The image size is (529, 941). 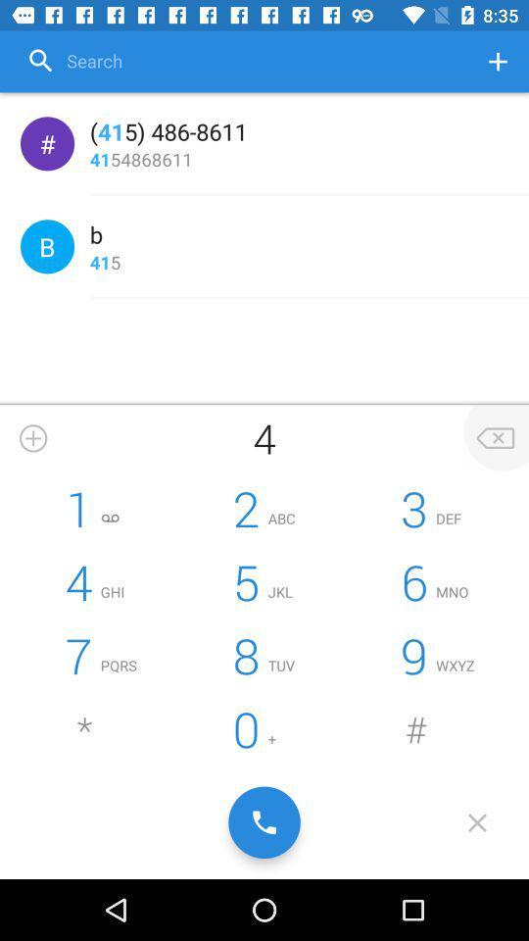 What do you see at coordinates (498, 61) in the screenshot?
I see `a new search` at bounding box center [498, 61].